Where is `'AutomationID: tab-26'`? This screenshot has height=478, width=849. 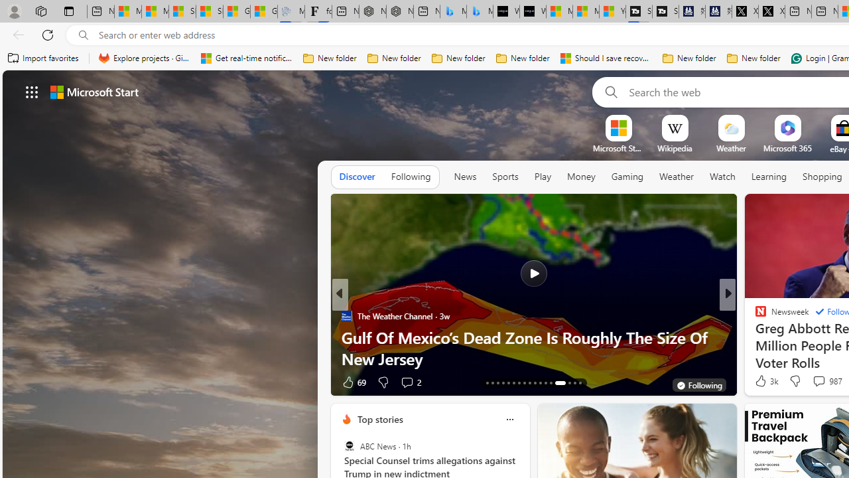
'AutomationID: tab-26' is located at coordinates (560, 383).